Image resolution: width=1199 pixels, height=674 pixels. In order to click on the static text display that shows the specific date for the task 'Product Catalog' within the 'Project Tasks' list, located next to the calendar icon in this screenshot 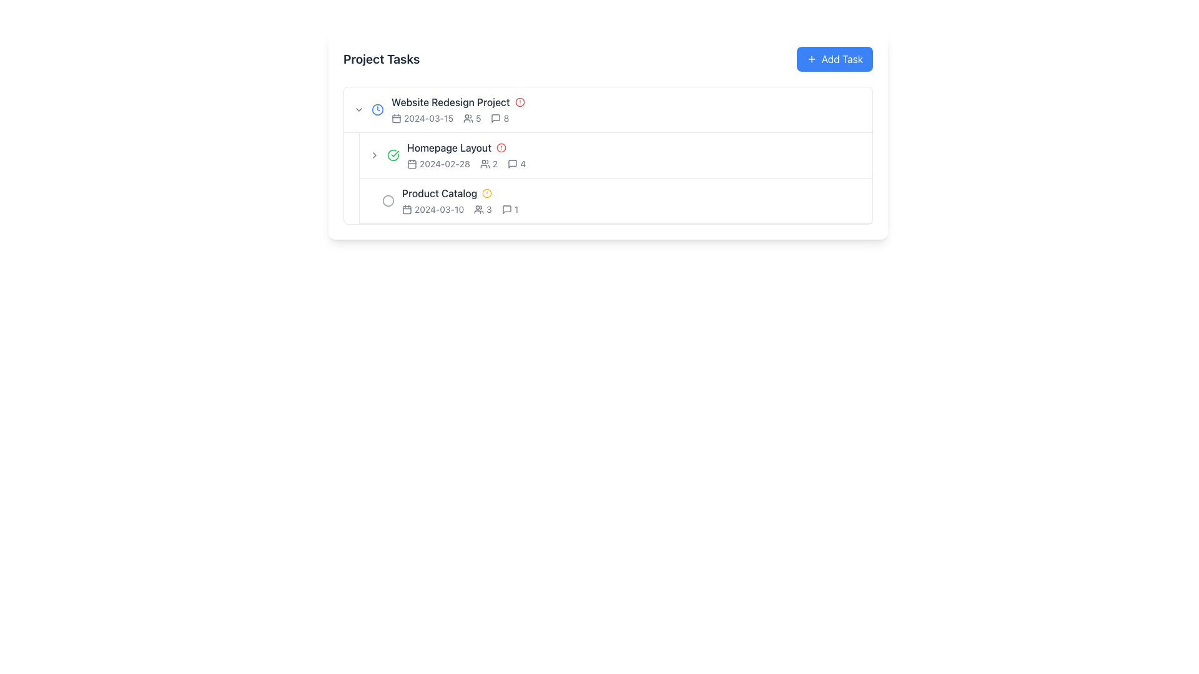, I will do `click(439, 208)`.